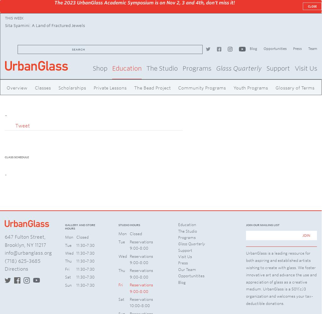  What do you see at coordinates (25, 241) in the screenshot?
I see `'647 Fulton Street, Brooklyn, NY 11217'` at bounding box center [25, 241].